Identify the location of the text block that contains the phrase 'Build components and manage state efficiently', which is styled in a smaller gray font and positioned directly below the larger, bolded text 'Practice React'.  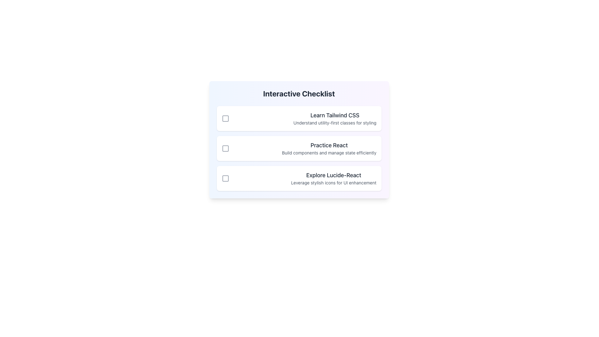
(329, 153).